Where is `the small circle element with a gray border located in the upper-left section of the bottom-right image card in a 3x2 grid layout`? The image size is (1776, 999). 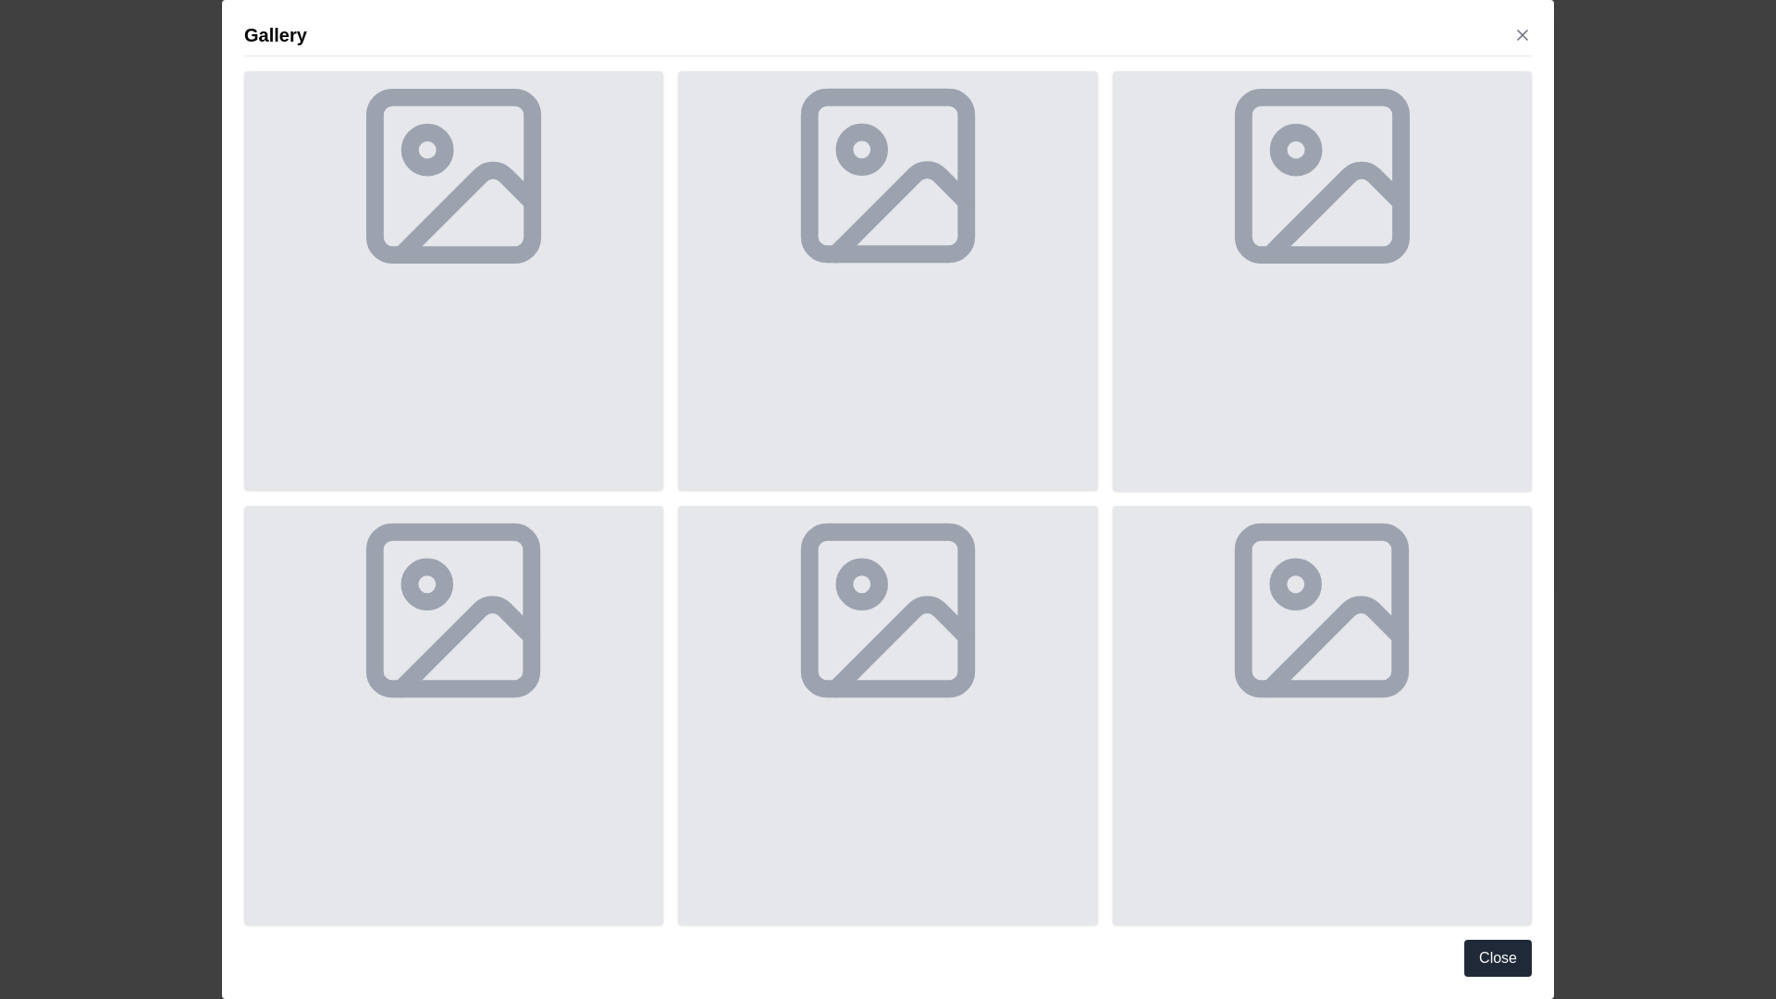 the small circle element with a gray border located in the upper-left section of the bottom-right image card in a 3x2 grid layout is located at coordinates (1295, 584).